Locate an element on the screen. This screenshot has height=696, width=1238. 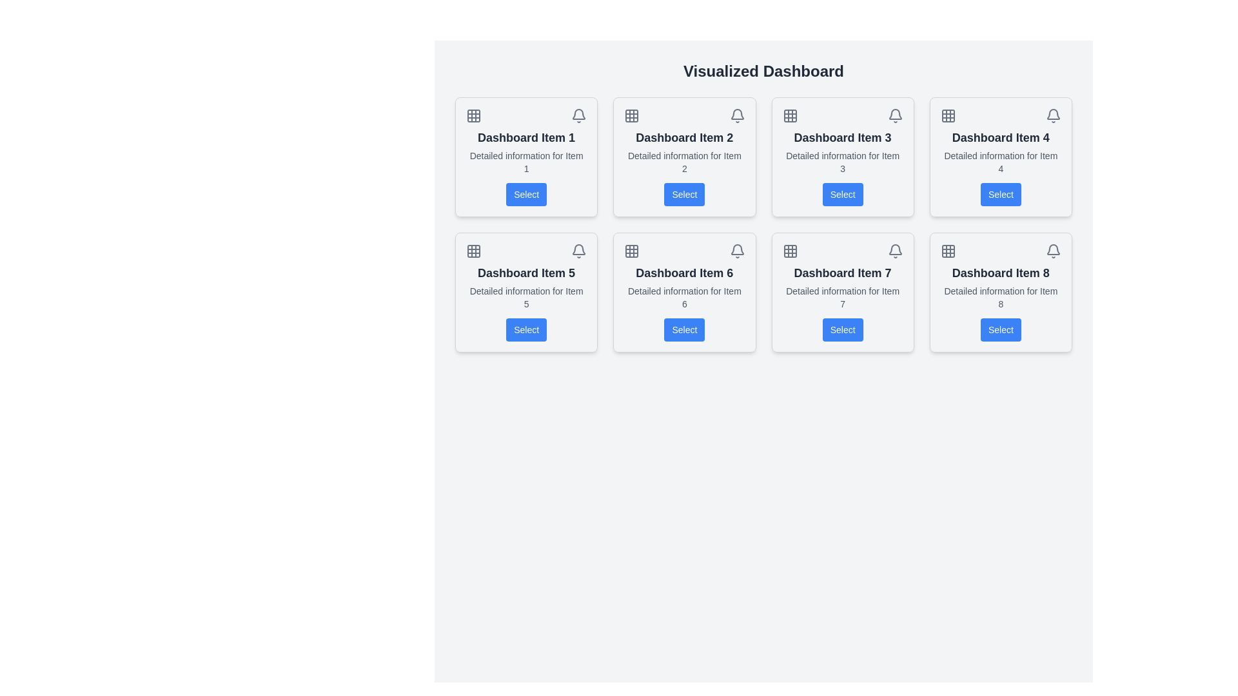
the gray outlined bell icon located in the top-right corner of the 'Dashboard Item 3' card is located at coordinates (894, 116).